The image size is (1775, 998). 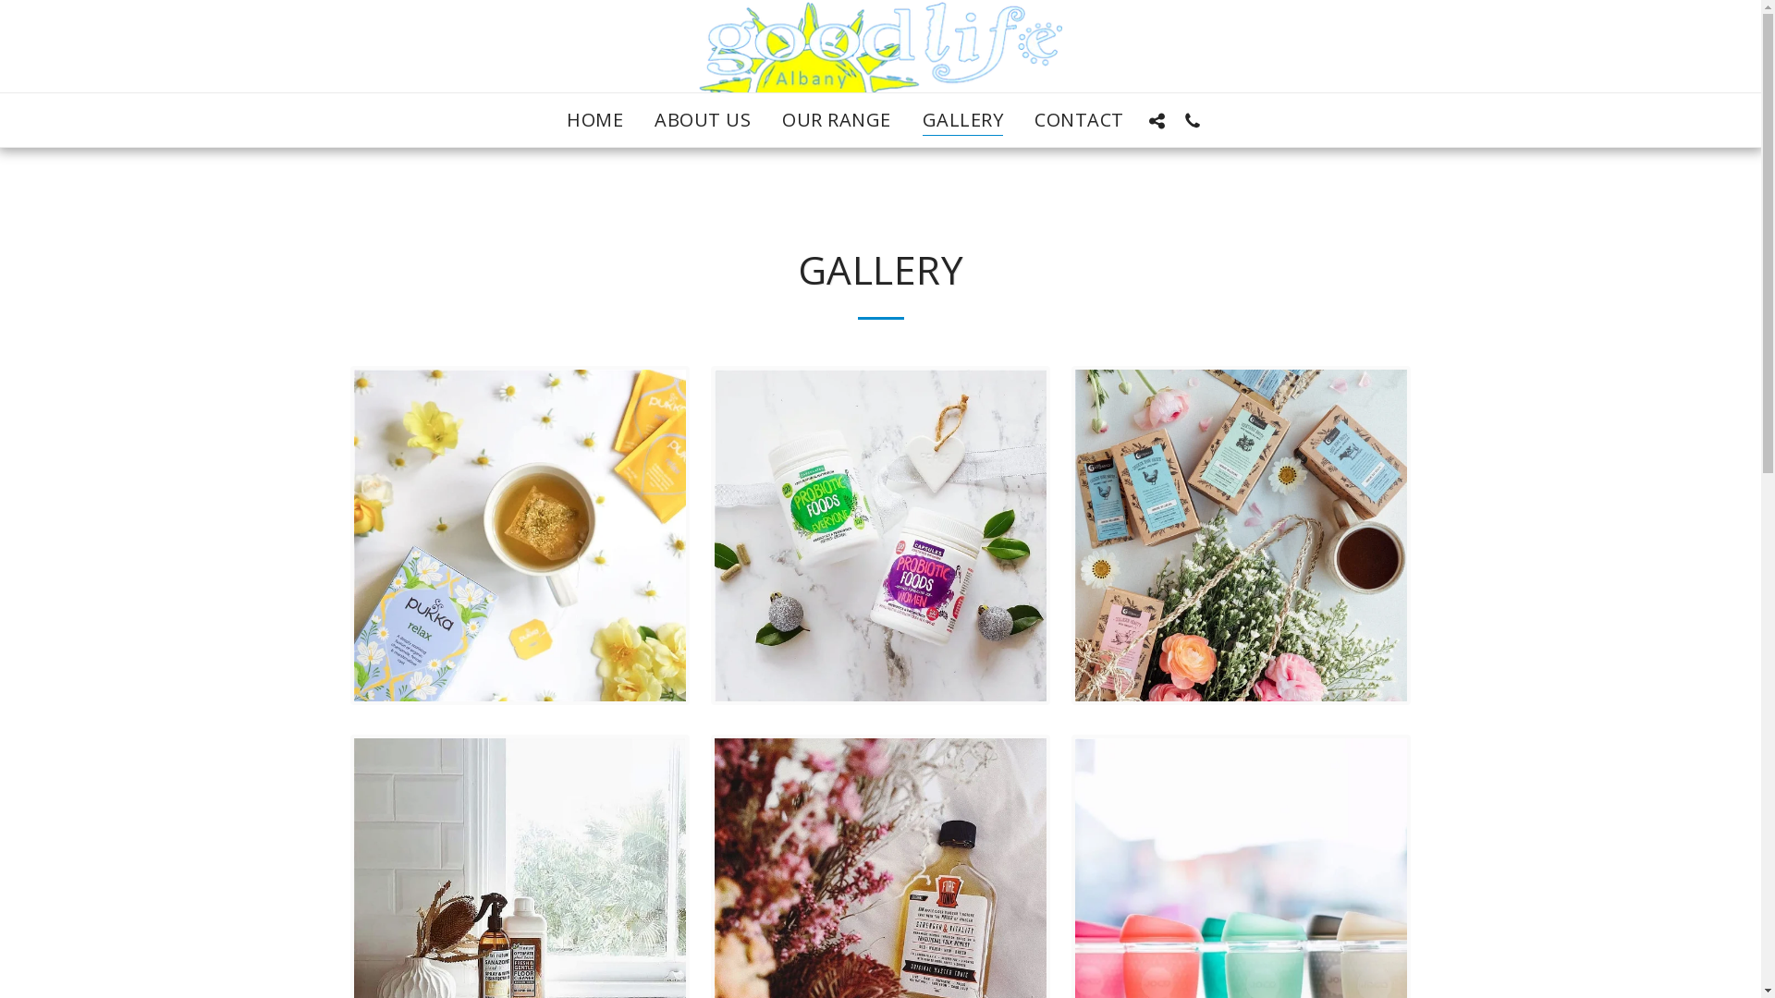 I want to click on 'OUR RANGE', so click(x=836, y=120).